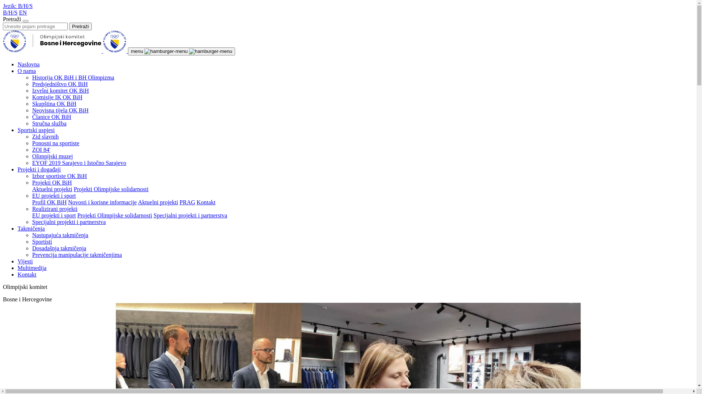  Describe the element at coordinates (54, 215) in the screenshot. I see `'EU projekti i sport'` at that location.